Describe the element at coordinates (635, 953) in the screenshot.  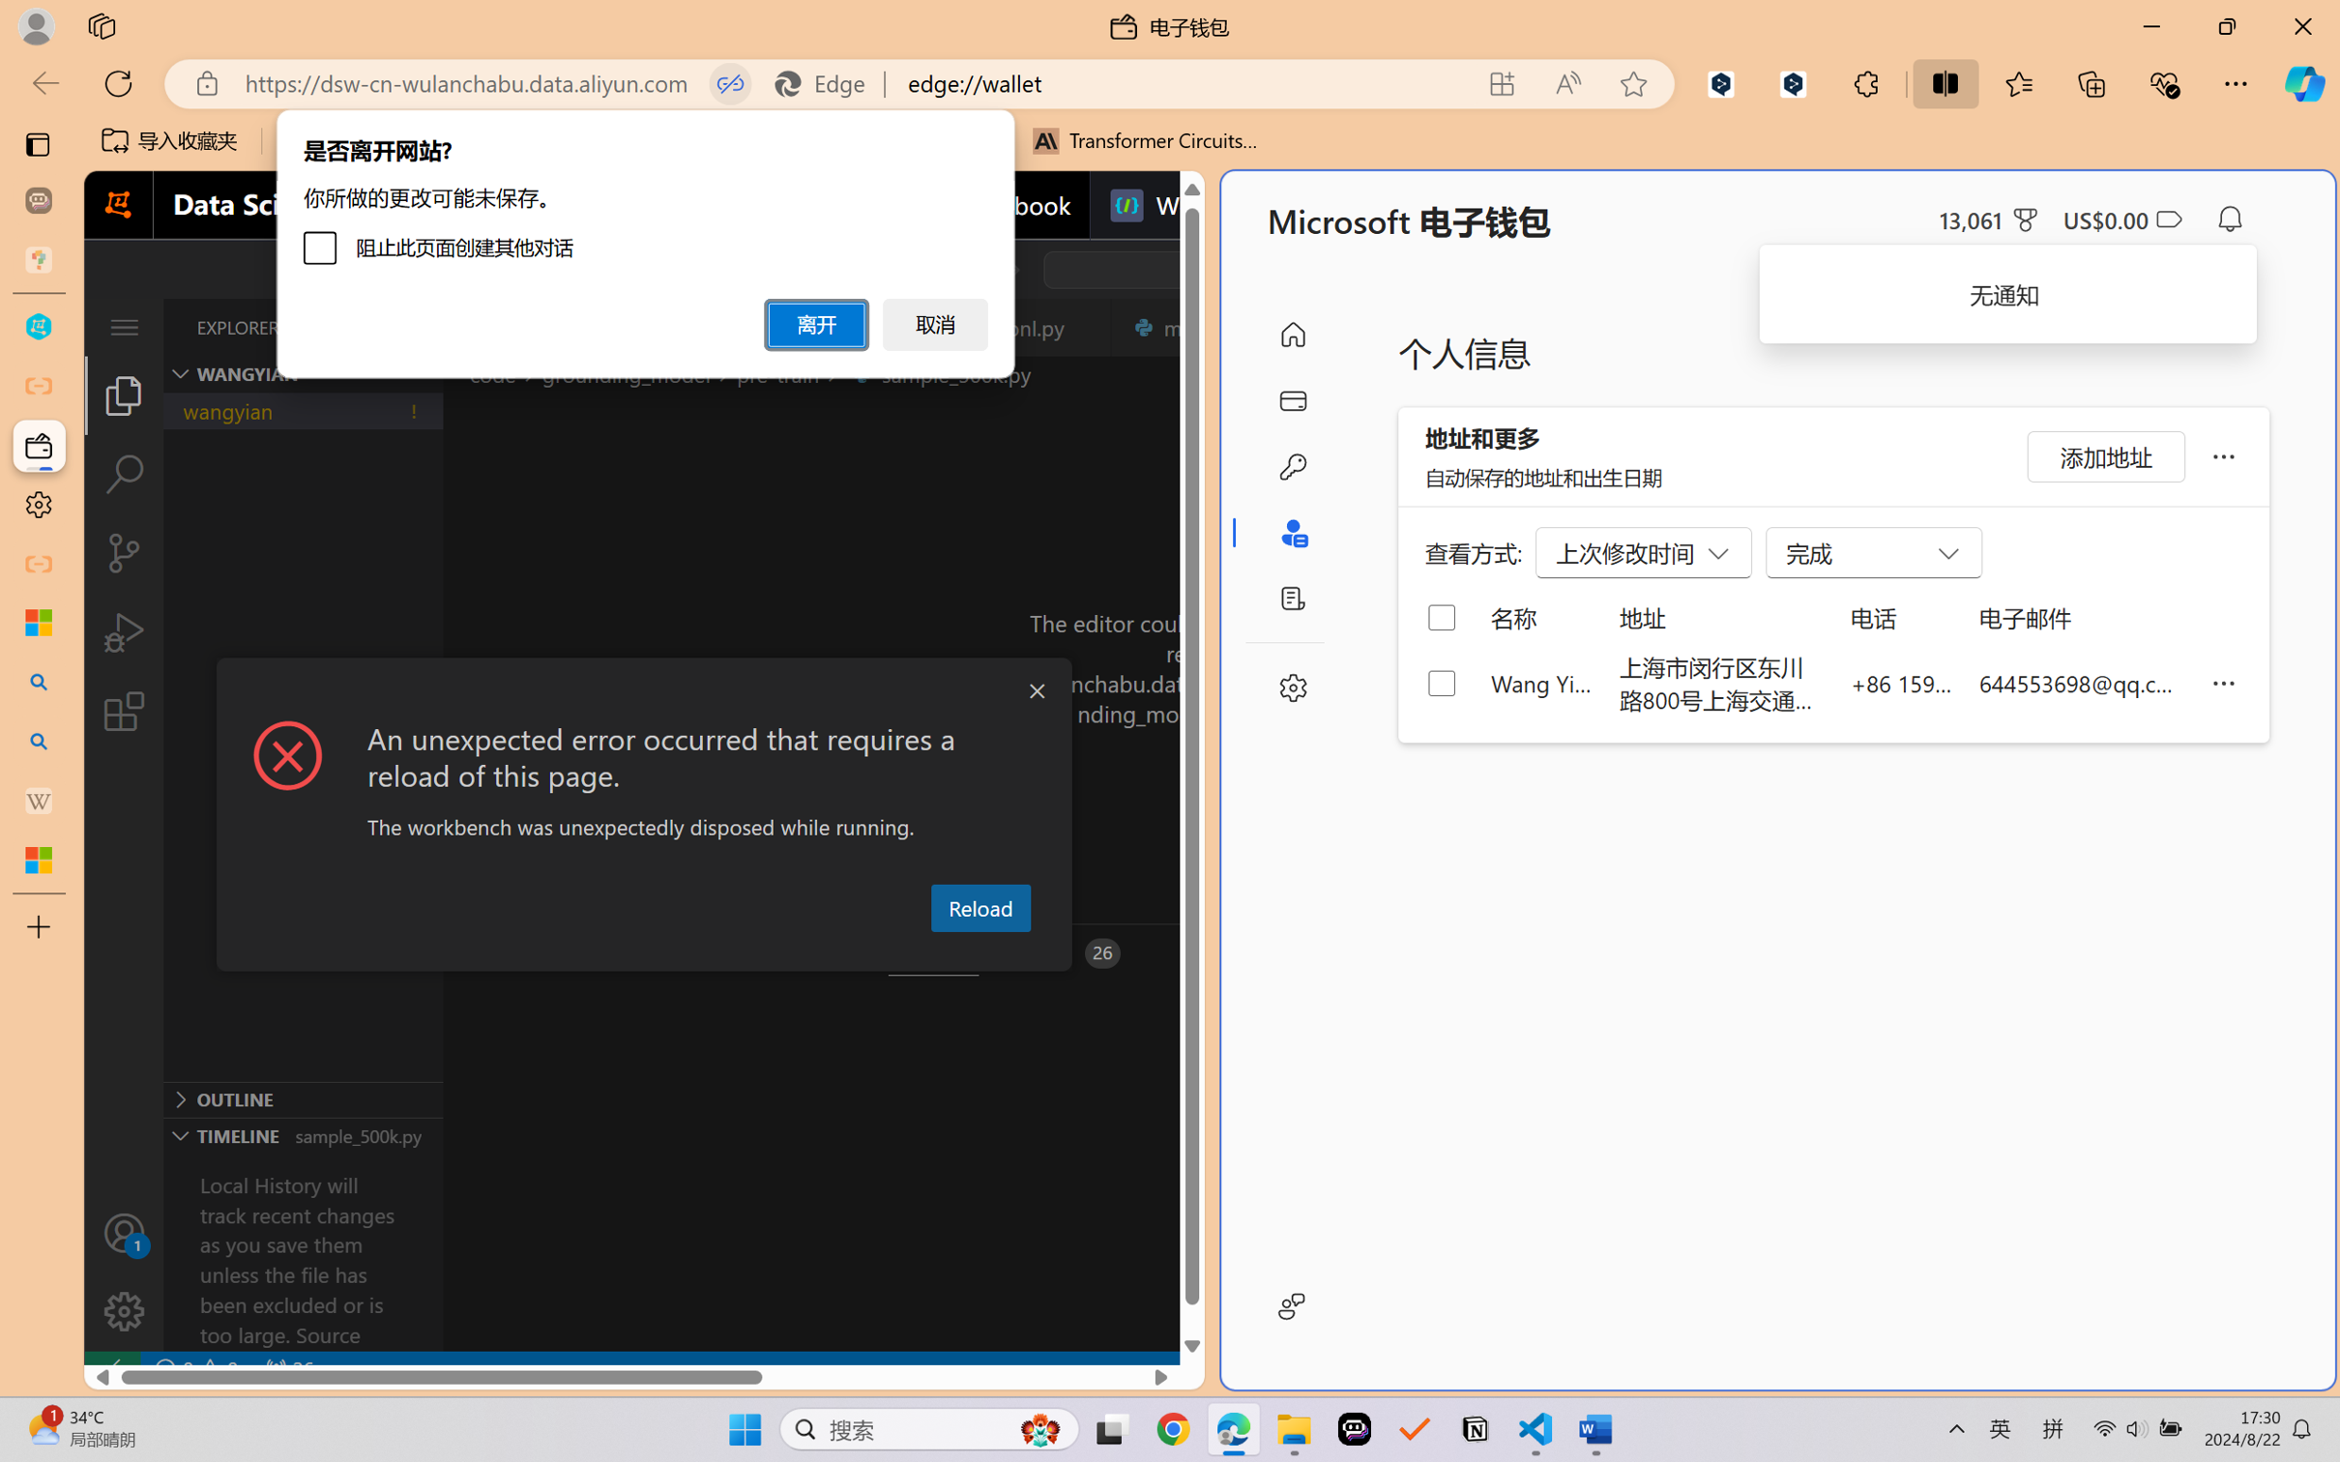
I see `'Output (Ctrl+Shift+U)'` at that location.